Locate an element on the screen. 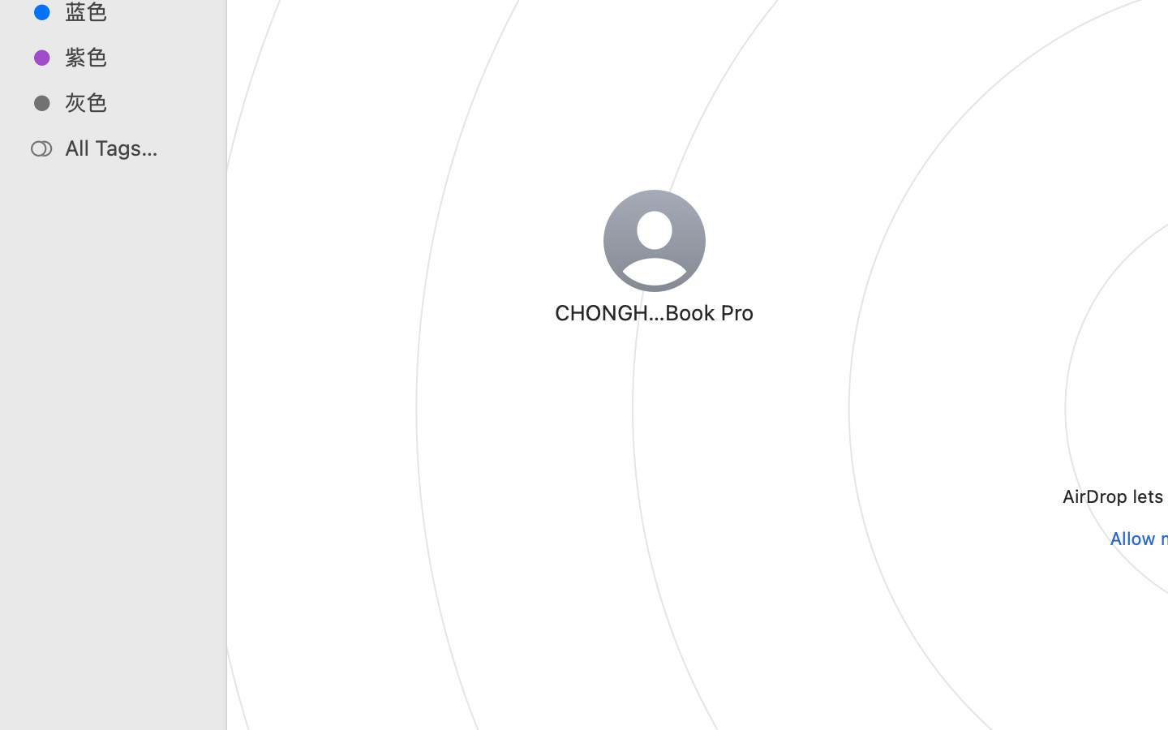  '灰色' is located at coordinates (129, 102).